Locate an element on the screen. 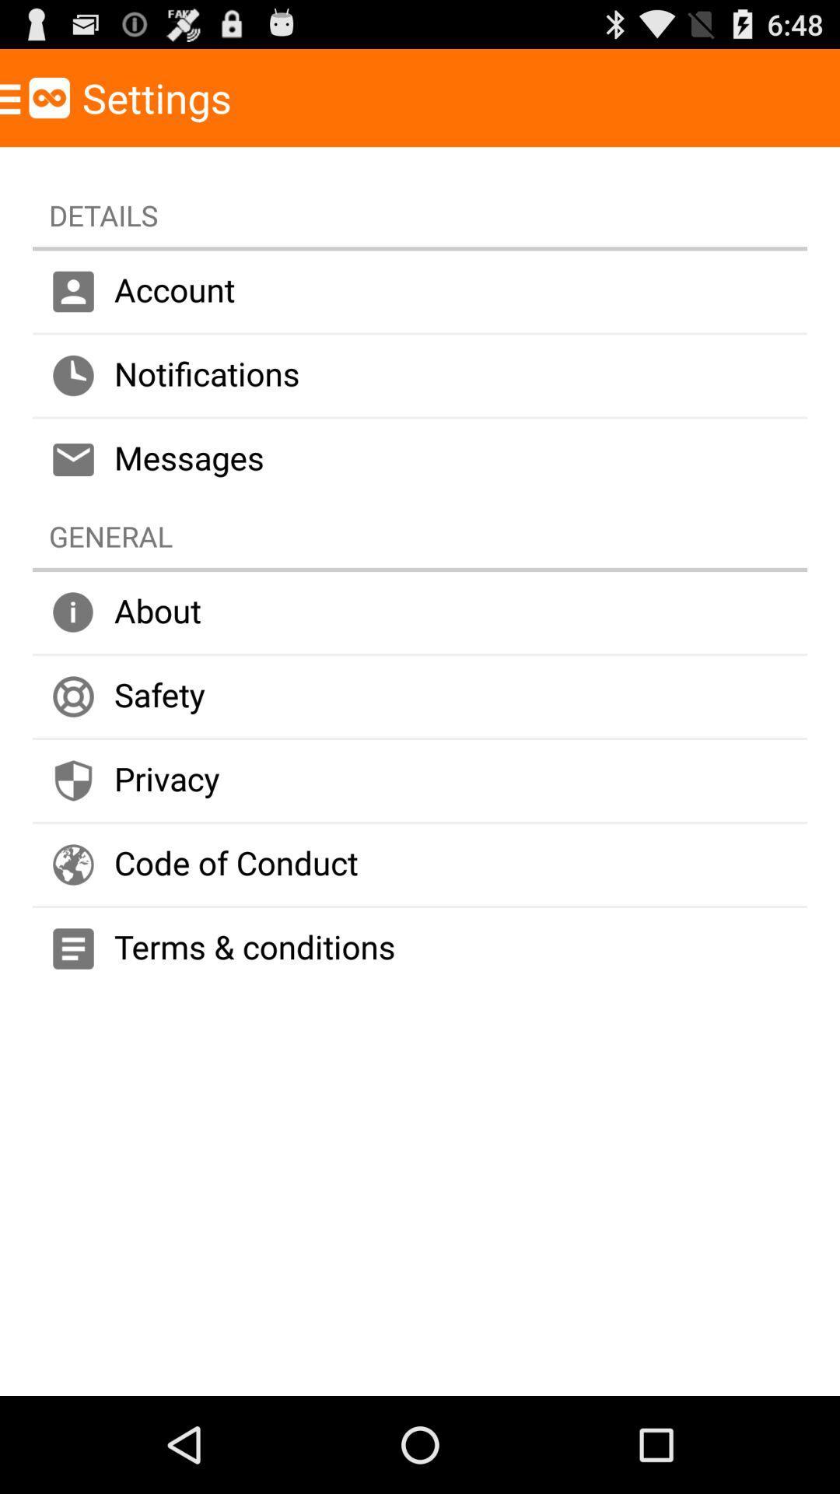  account is located at coordinates (420, 291).